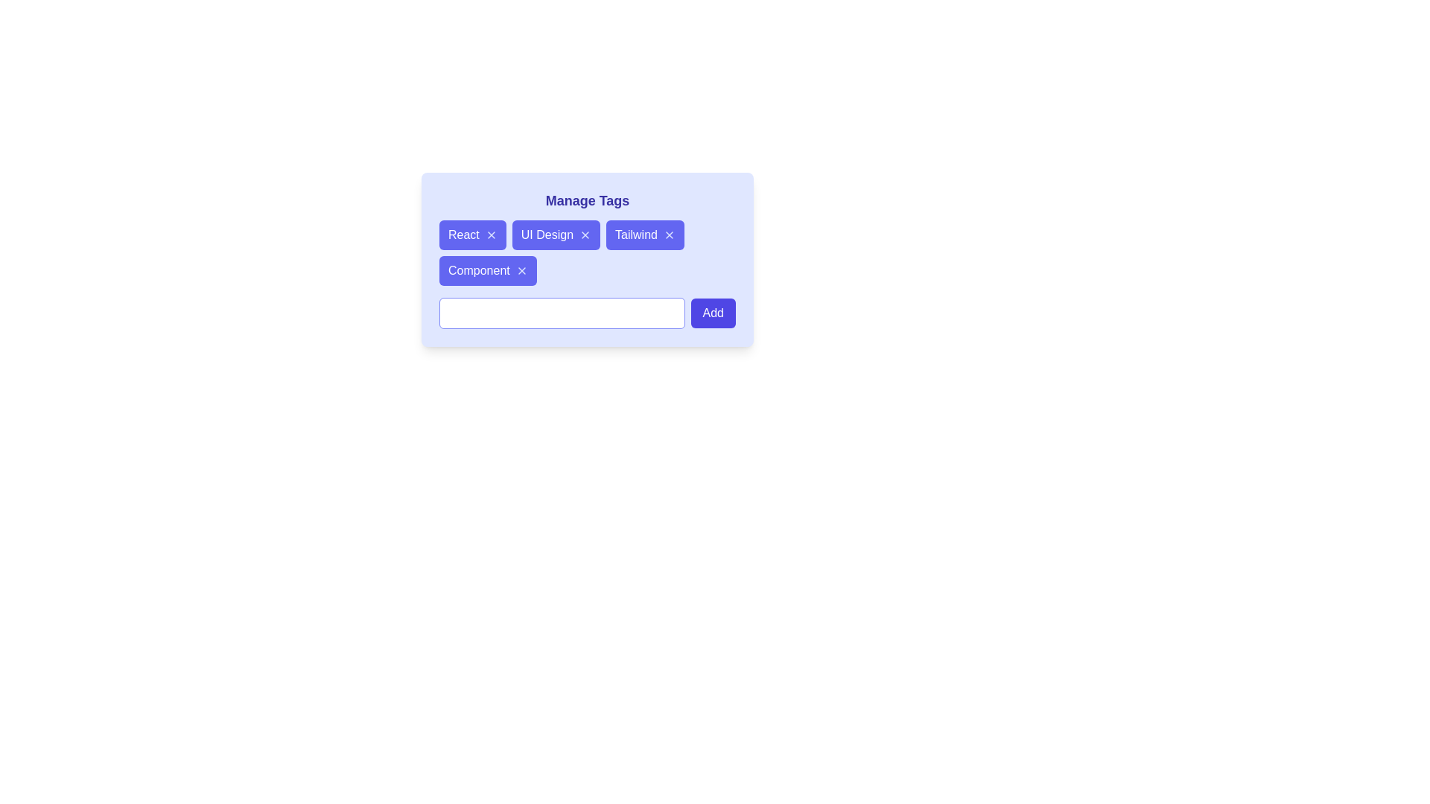 The height and width of the screenshot is (804, 1430). Describe the element at coordinates (521, 270) in the screenshot. I see `the close button of the tag labeled Component to remove it` at that location.